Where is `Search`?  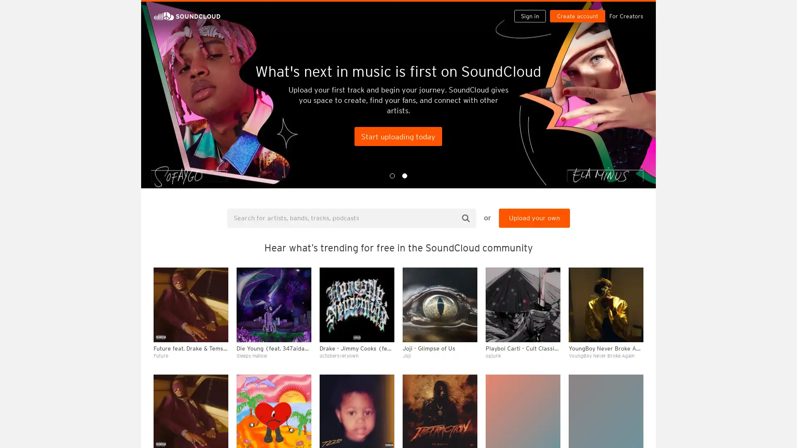
Search is located at coordinates (466, 217).